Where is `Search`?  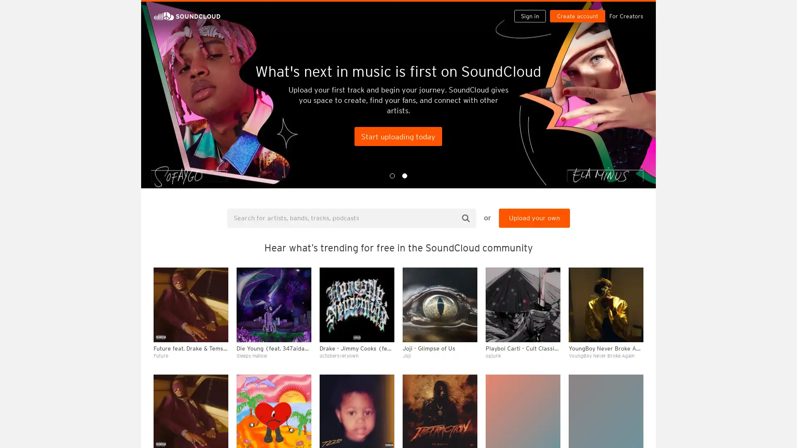
Search is located at coordinates (466, 217).